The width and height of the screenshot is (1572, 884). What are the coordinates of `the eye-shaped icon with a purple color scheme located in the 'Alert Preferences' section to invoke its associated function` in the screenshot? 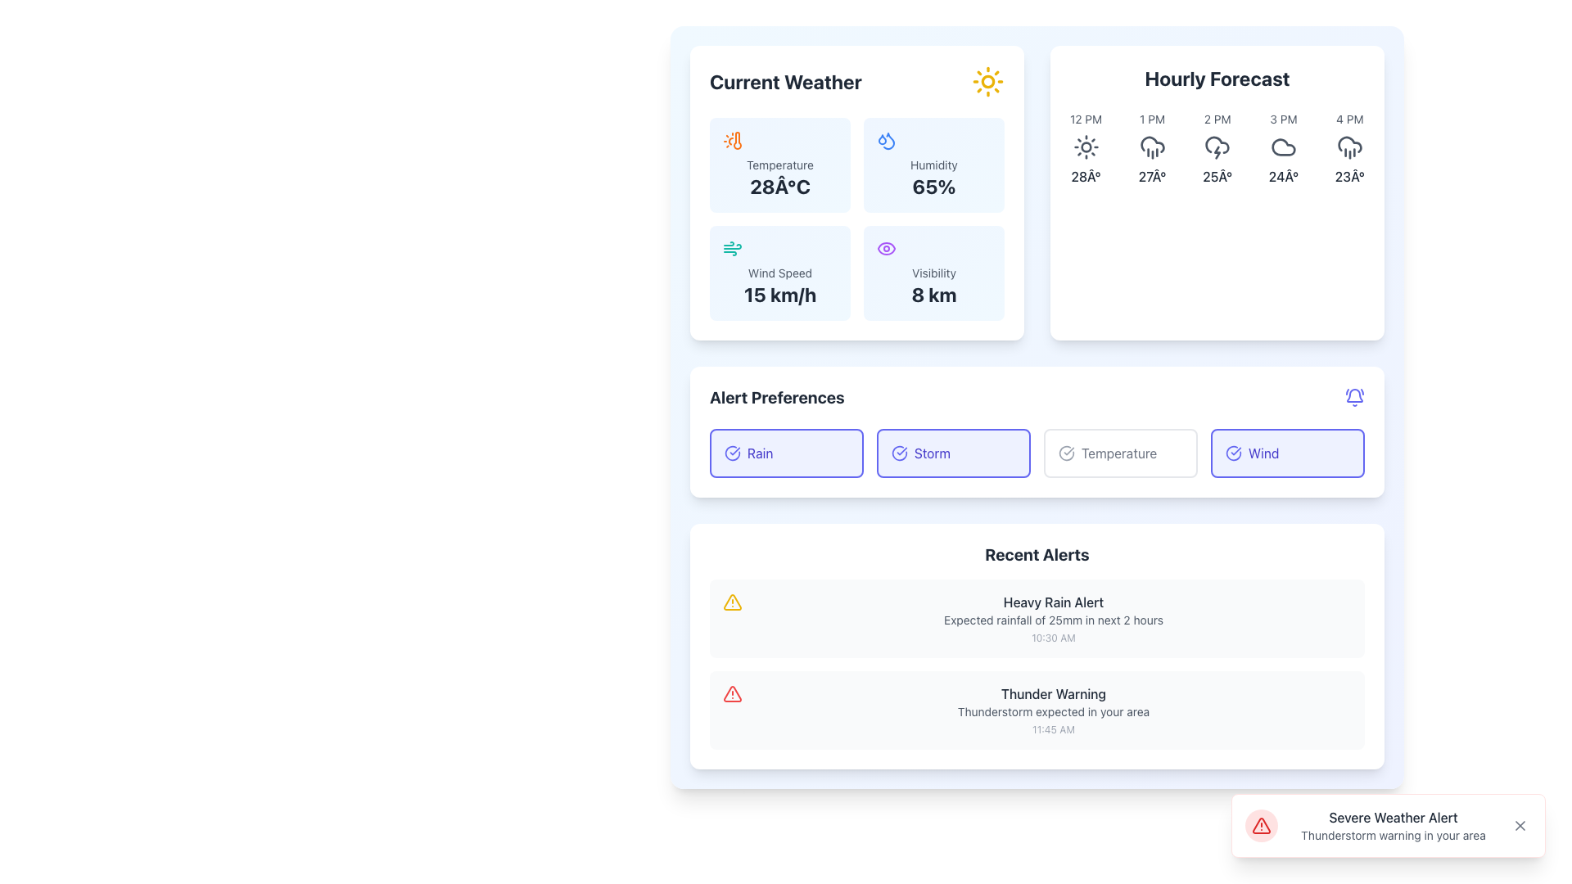 It's located at (886, 249).